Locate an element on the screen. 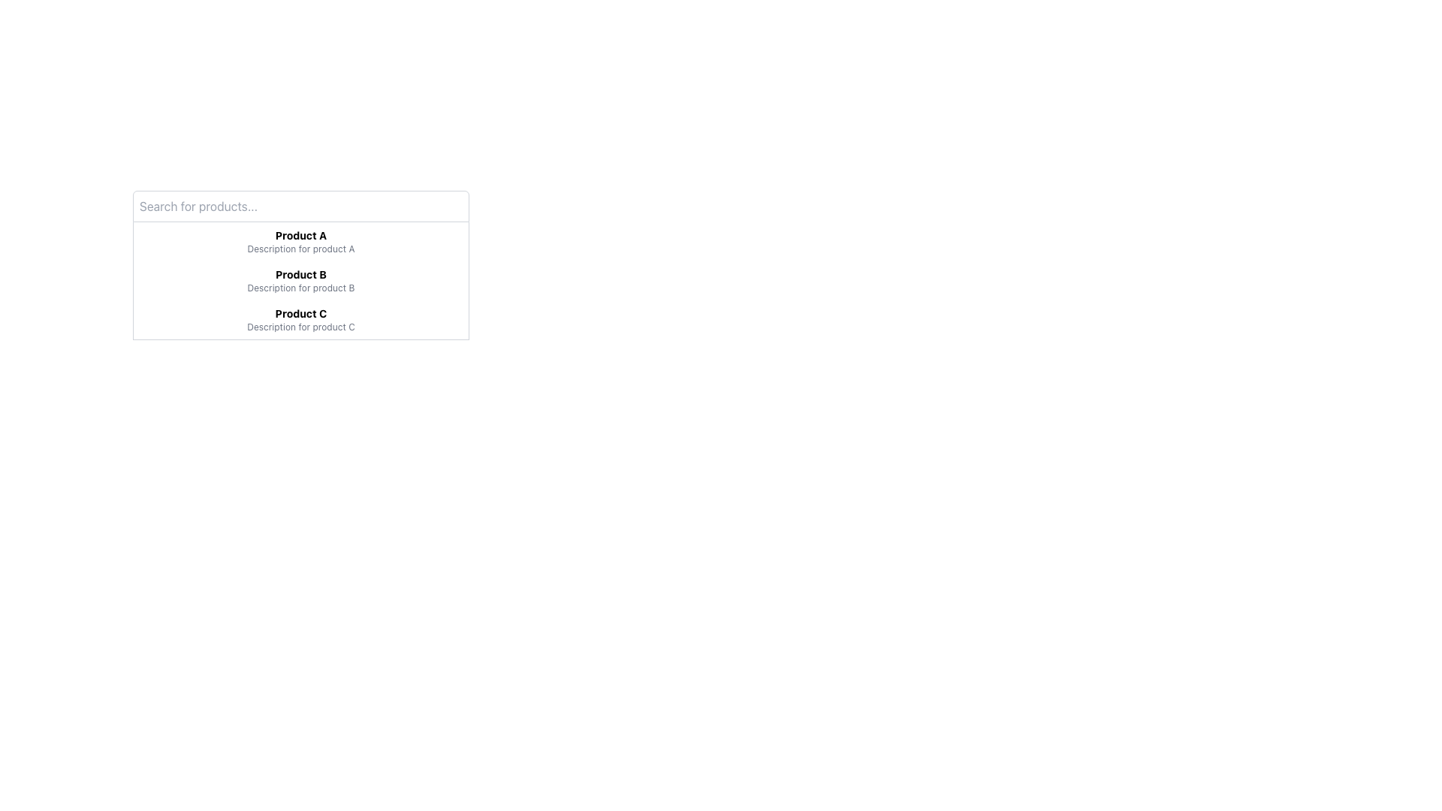 The height and width of the screenshot is (811, 1442). the text label that displays supplementary description for the associated product, located below the 'Product B' title label in the vertical list is located at coordinates (300, 288).